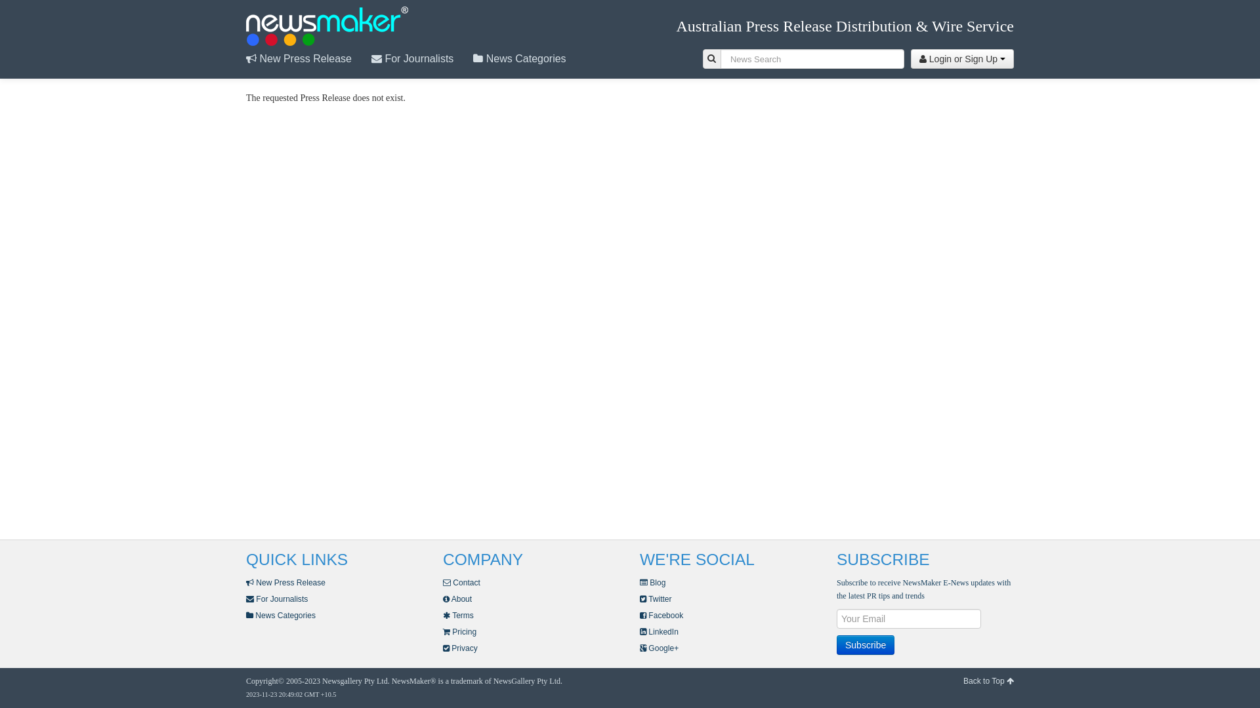 This screenshot has width=1260, height=708. Describe the element at coordinates (836, 644) in the screenshot. I see `'Subscribe'` at that location.